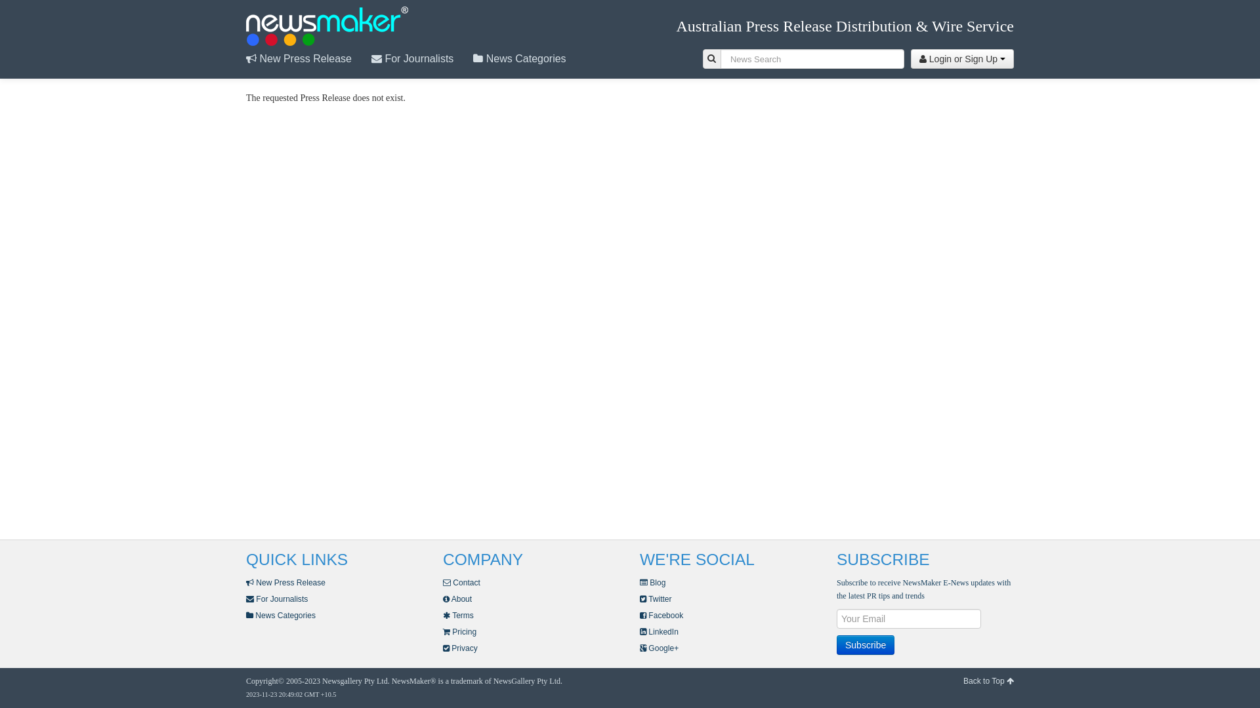 This screenshot has width=1260, height=708. Describe the element at coordinates (836, 644) in the screenshot. I see `'Subscribe'` at that location.